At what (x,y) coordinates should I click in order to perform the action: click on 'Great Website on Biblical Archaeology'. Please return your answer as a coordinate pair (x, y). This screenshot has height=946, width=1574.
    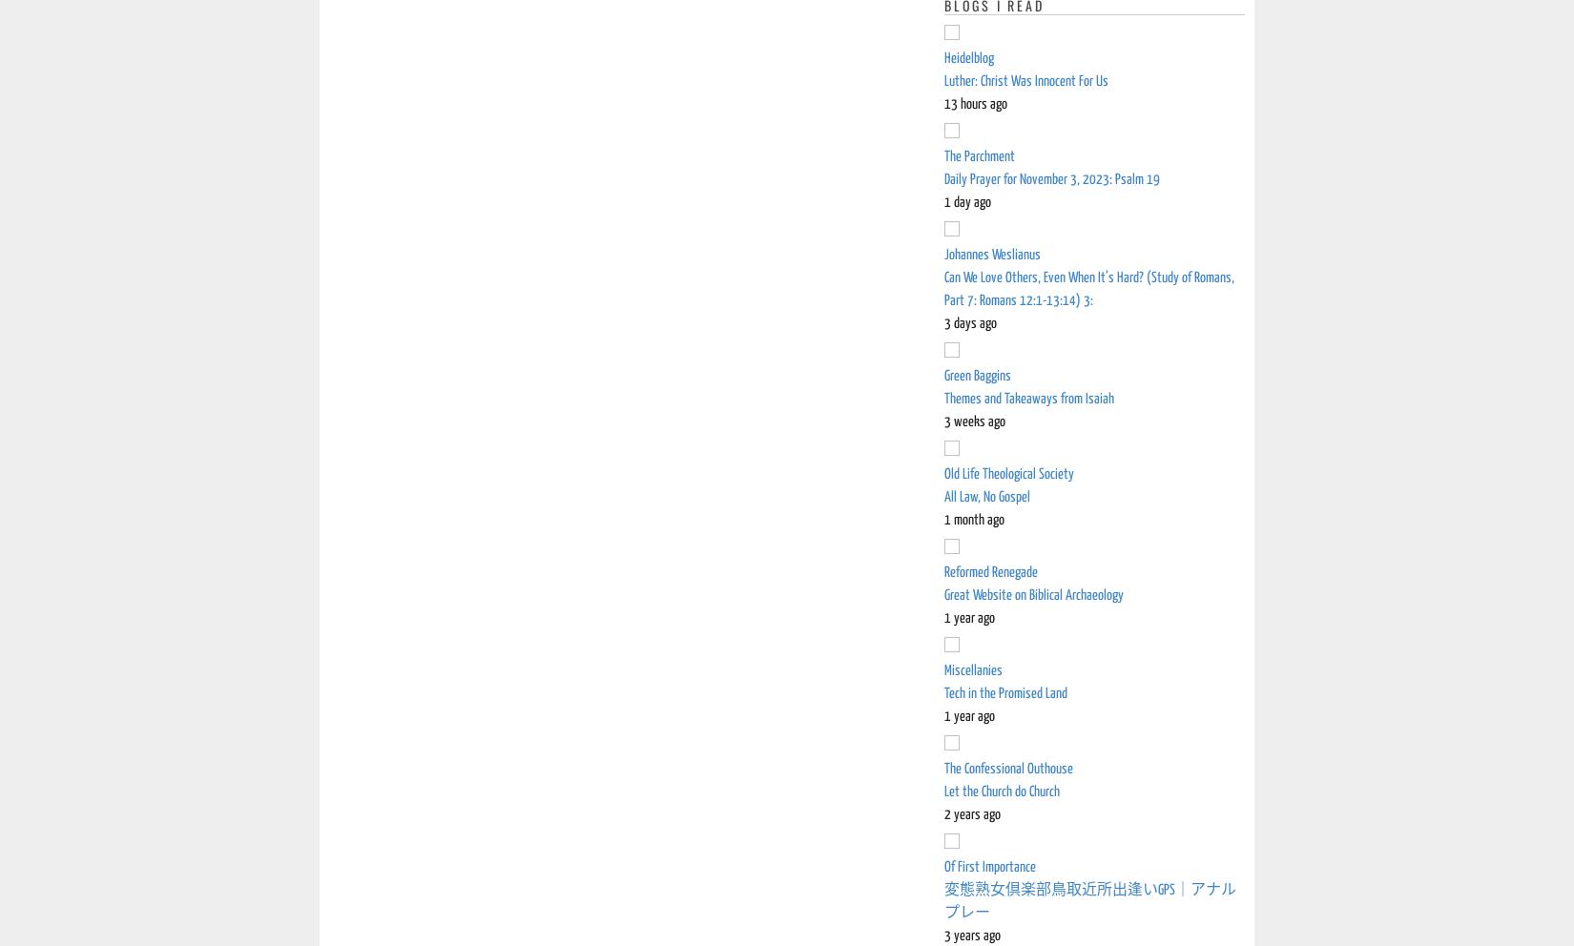
    Looking at the image, I should click on (1034, 595).